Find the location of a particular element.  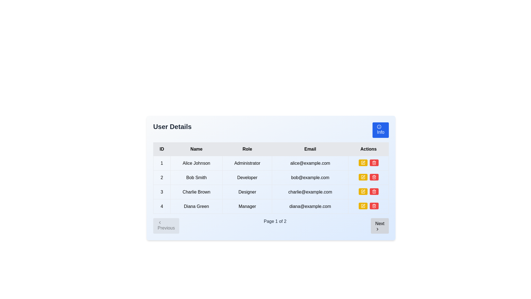

the text label indicating the role or position associated with 'Diana Green', located in the 'Role' column of the fourth row in the table is located at coordinates (247, 206).